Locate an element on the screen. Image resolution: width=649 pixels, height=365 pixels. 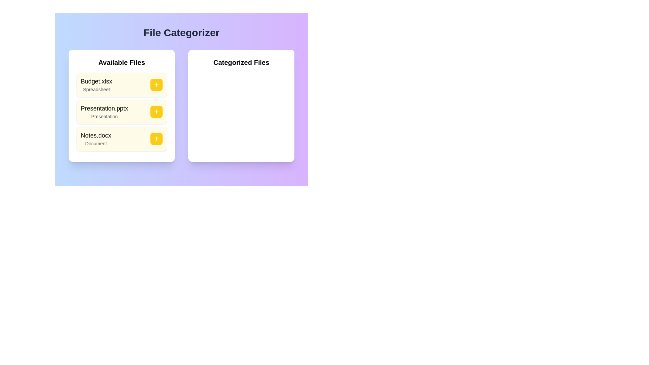
the text label displaying the file name 'Presentation.pptx', which is styled in medium font and positioned under 'Available Files' is located at coordinates (104, 108).